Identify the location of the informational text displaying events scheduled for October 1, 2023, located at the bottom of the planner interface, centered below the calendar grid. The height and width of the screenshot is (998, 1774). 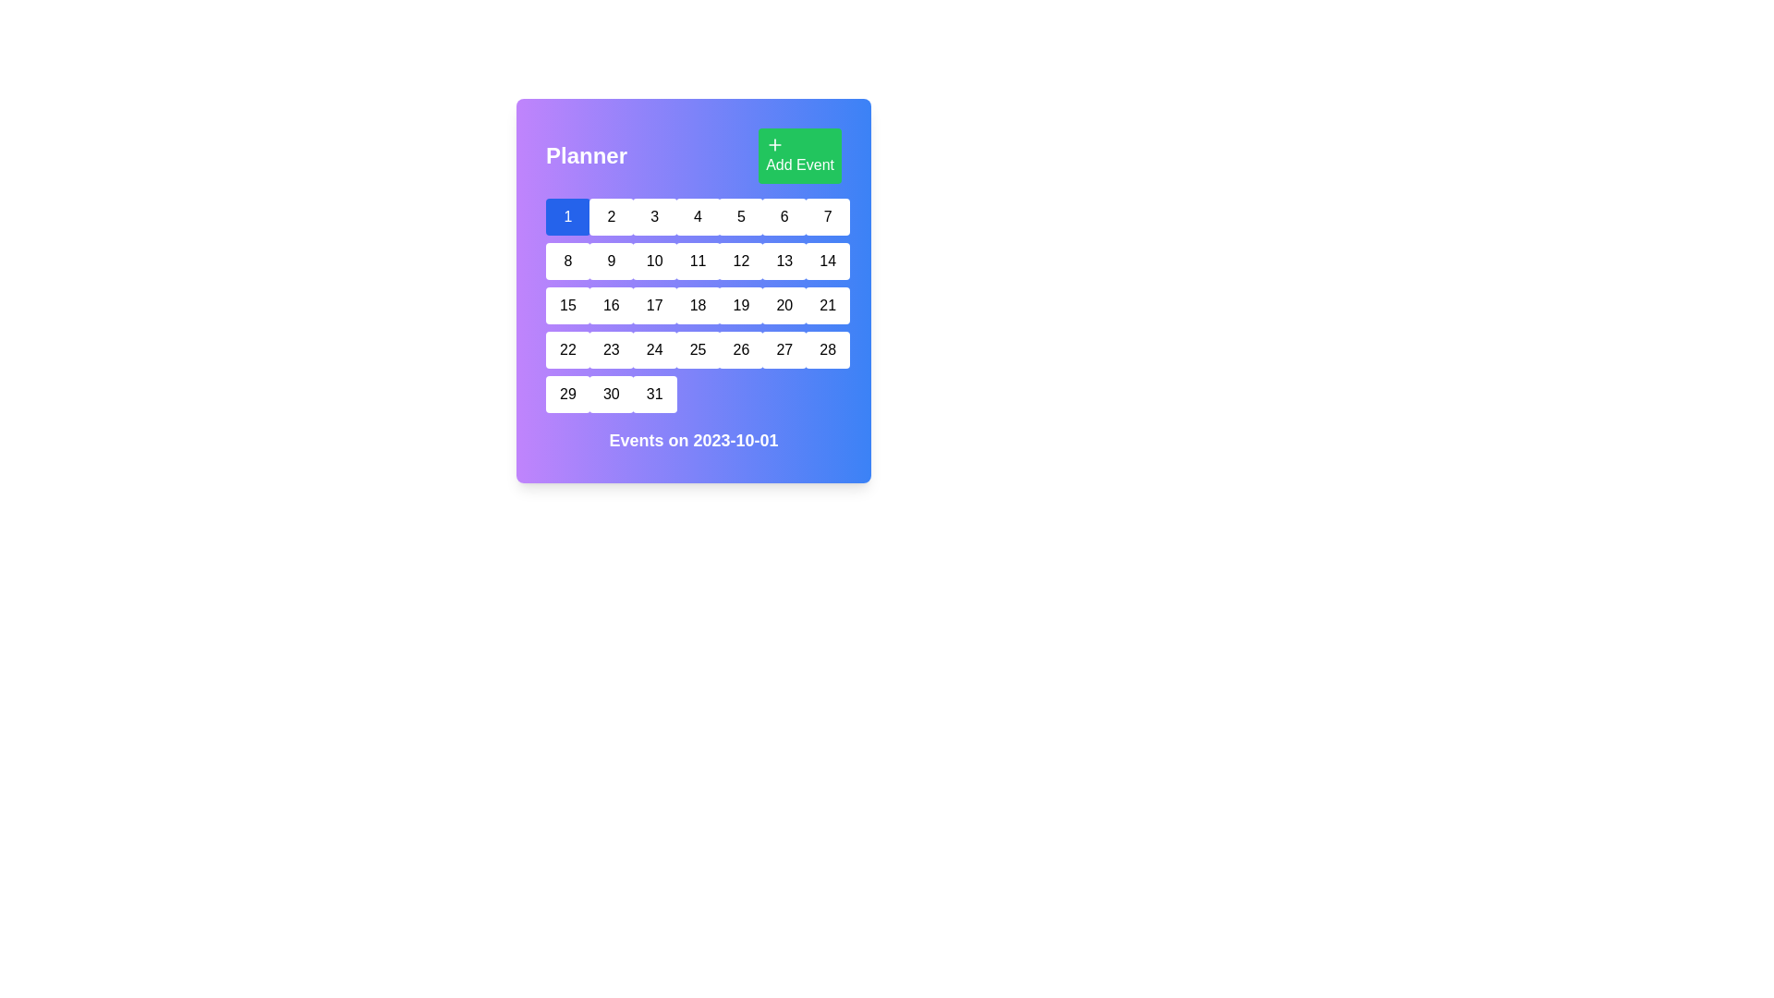
(692, 441).